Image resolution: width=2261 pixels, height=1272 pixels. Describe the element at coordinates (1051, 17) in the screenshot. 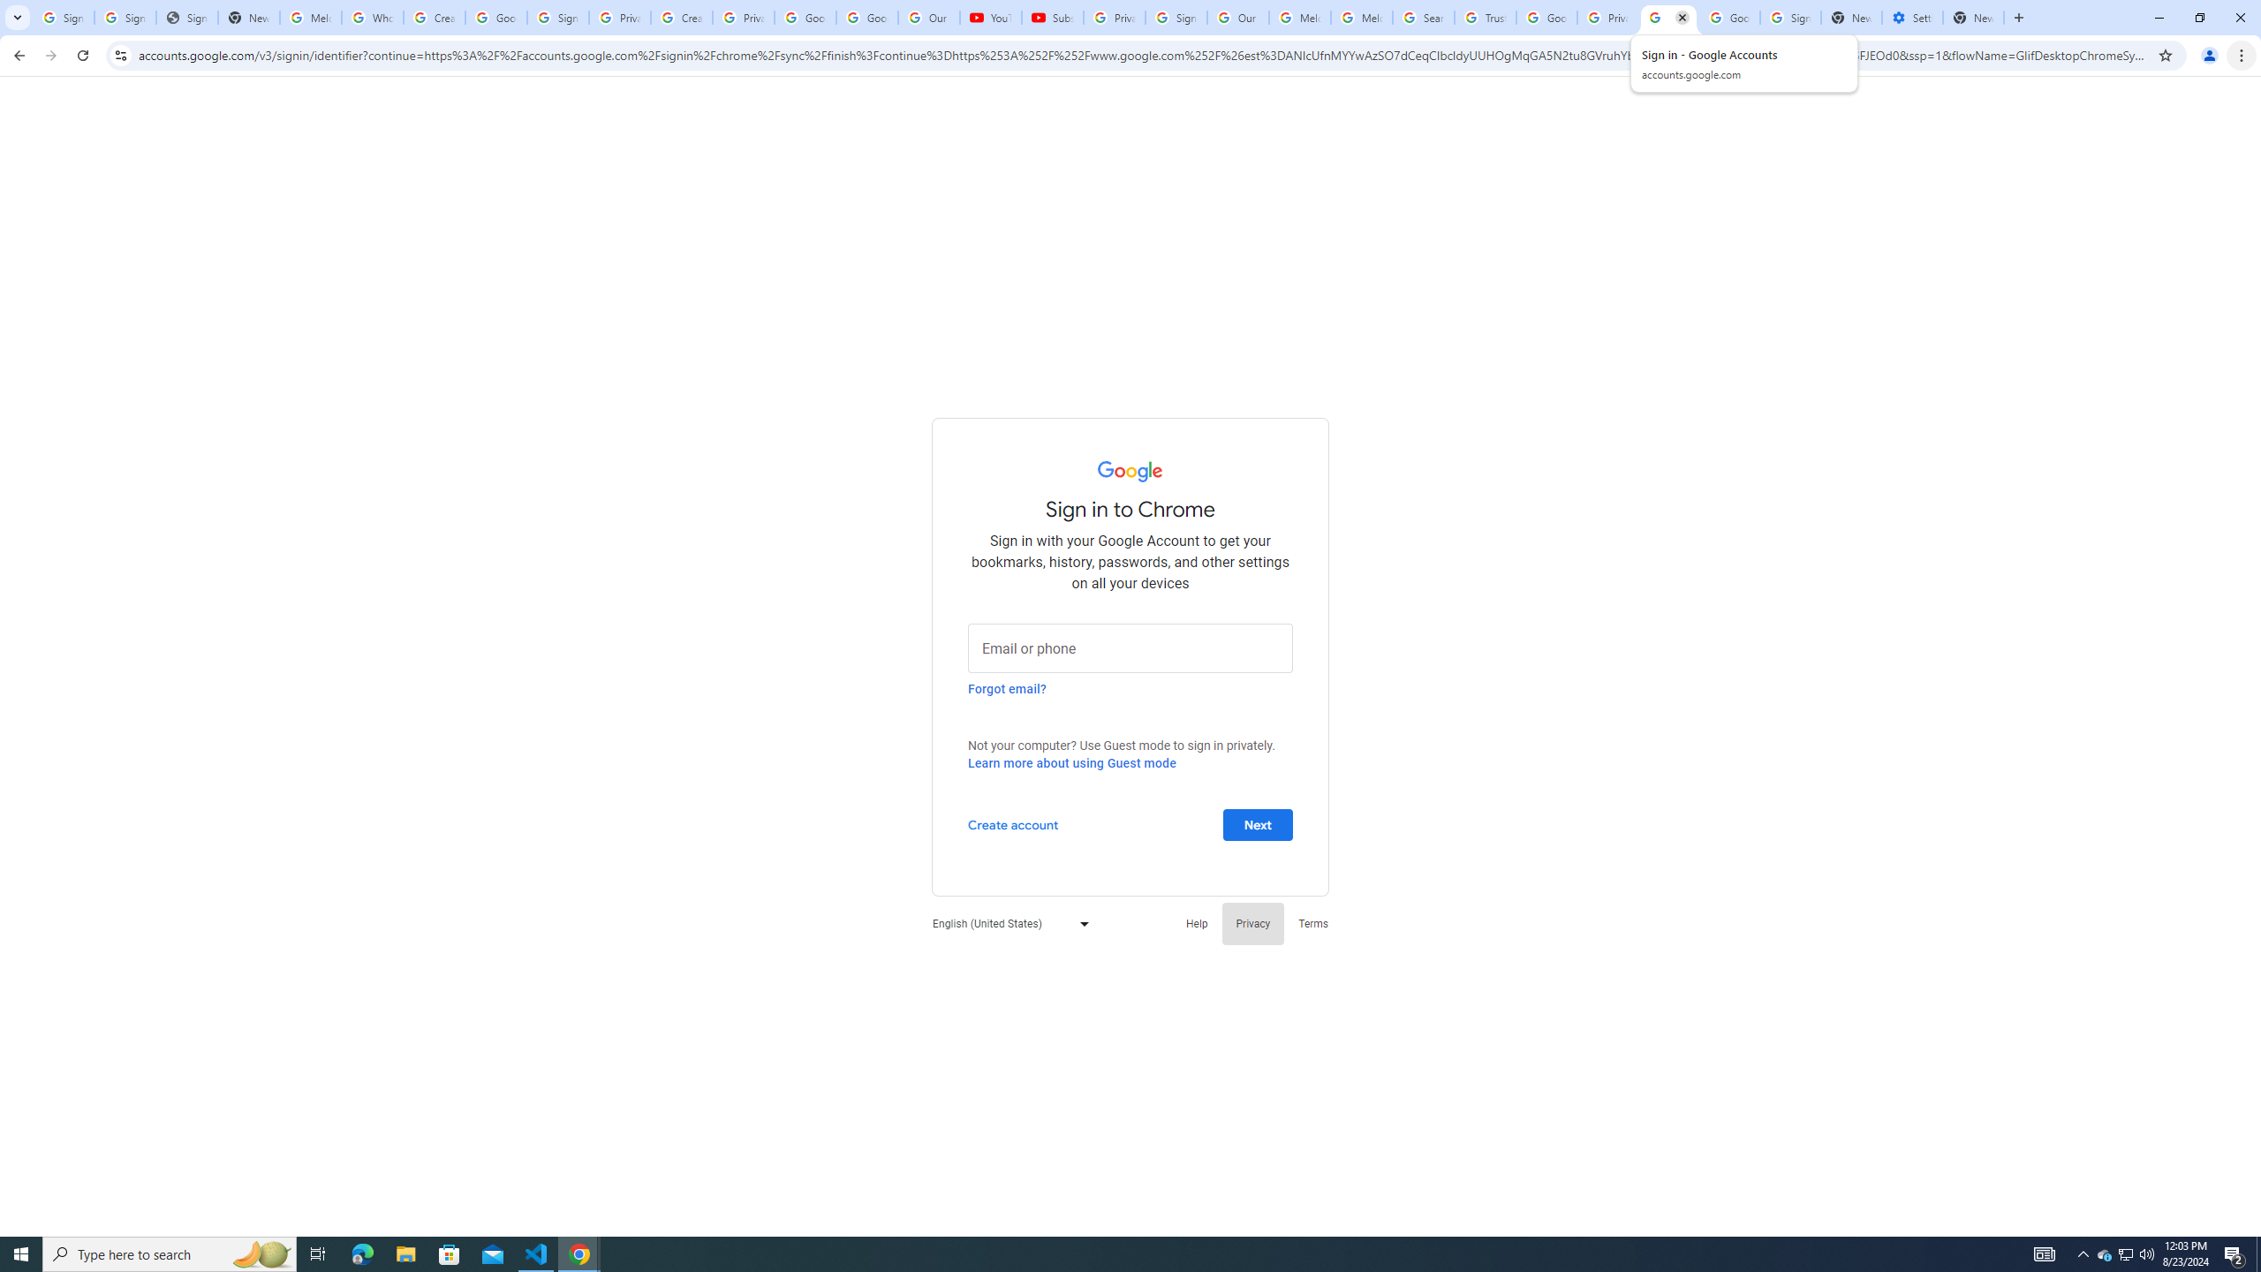

I see `'Subscriptions - YouTube'` at that location.